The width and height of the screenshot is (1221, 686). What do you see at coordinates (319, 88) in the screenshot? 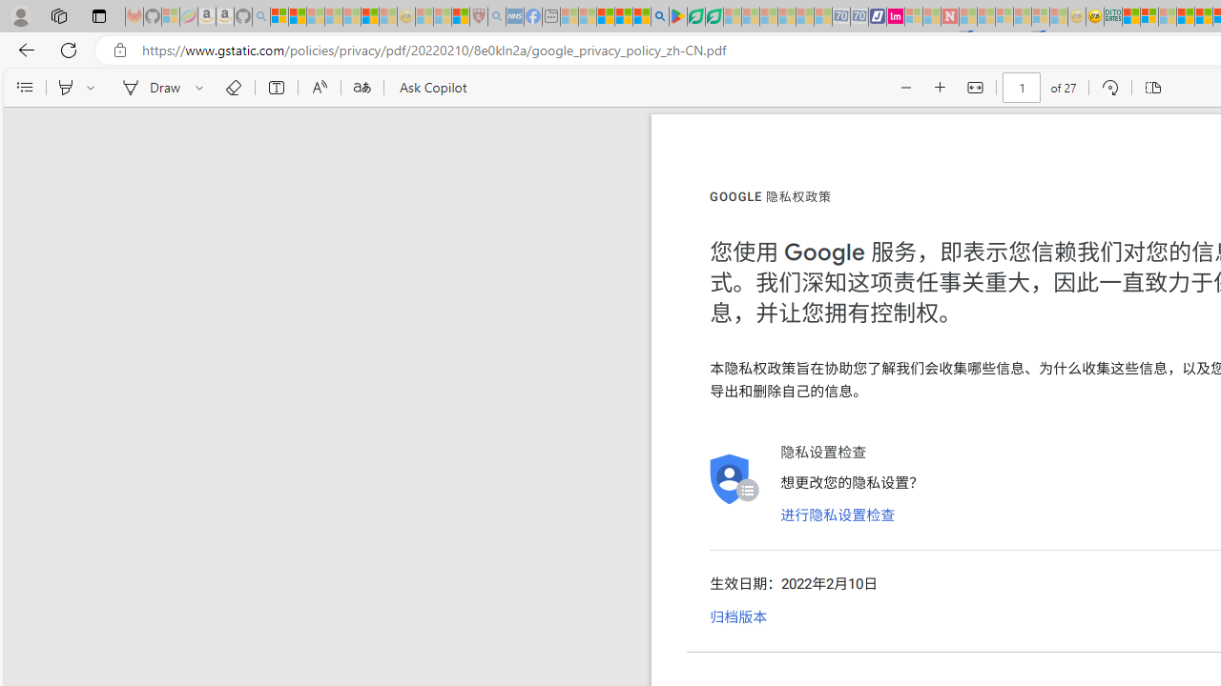
I see `'Read aloud'` at bounding box center [319, 88].